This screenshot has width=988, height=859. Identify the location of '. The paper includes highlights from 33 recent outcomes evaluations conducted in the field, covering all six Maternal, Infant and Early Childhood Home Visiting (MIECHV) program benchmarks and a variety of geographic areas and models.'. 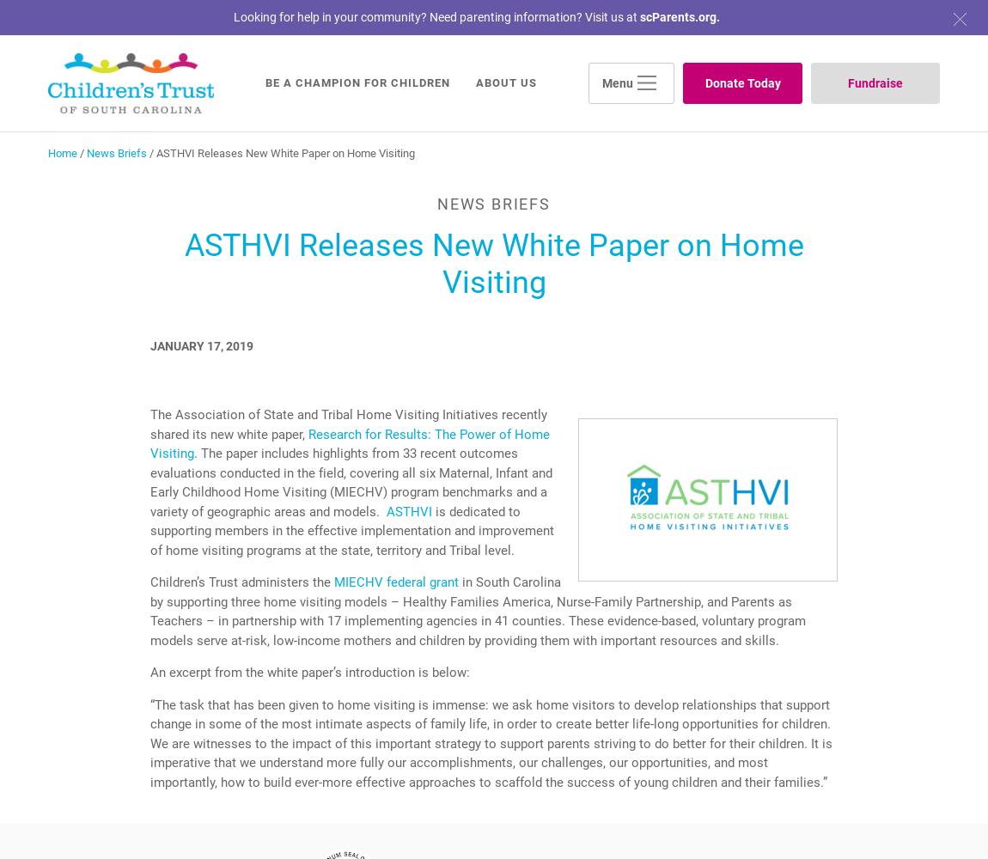
(149, 482).